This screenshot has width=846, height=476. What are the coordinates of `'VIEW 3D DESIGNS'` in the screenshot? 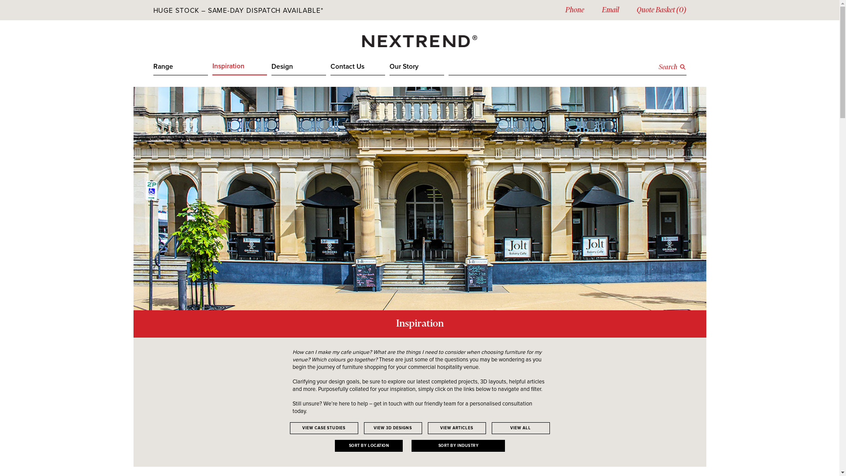 It's located at (364, 428).